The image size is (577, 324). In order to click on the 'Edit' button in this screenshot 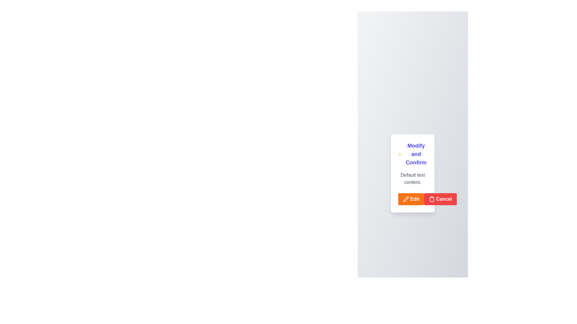, I will do `click(412, 199)`.